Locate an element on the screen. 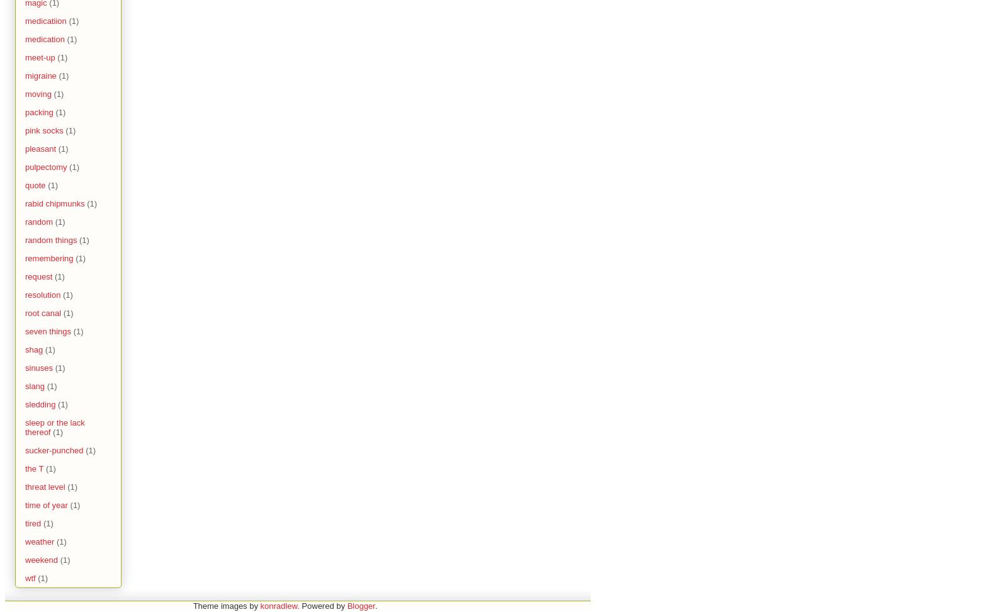  'medication' is located at coordinates (45, 38).